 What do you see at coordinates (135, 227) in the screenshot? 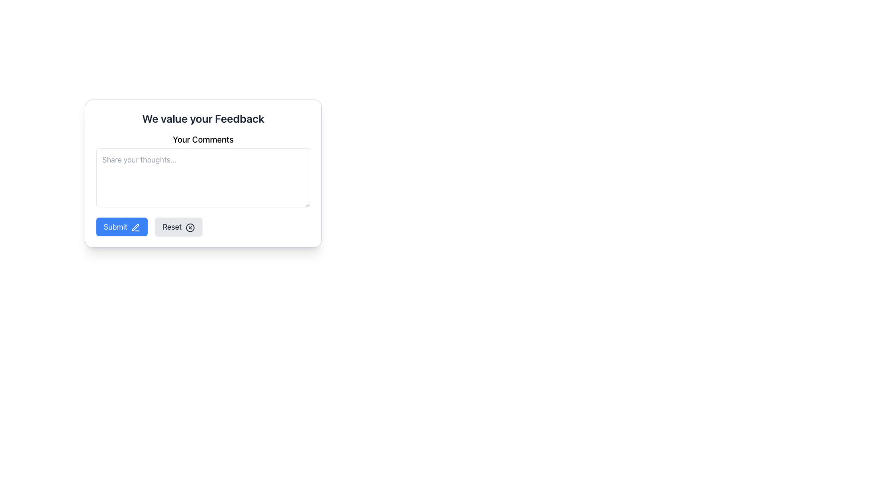
I see `the pen icon with a blue background located immediately to the right of the 'Submit' button text to interact with it` at bounding box center [135, 227].